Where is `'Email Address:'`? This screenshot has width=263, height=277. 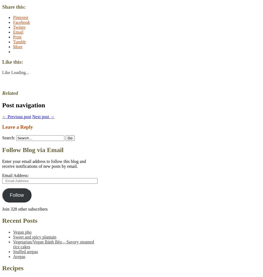
'Email Address:' is located at coordinates (15, 175).